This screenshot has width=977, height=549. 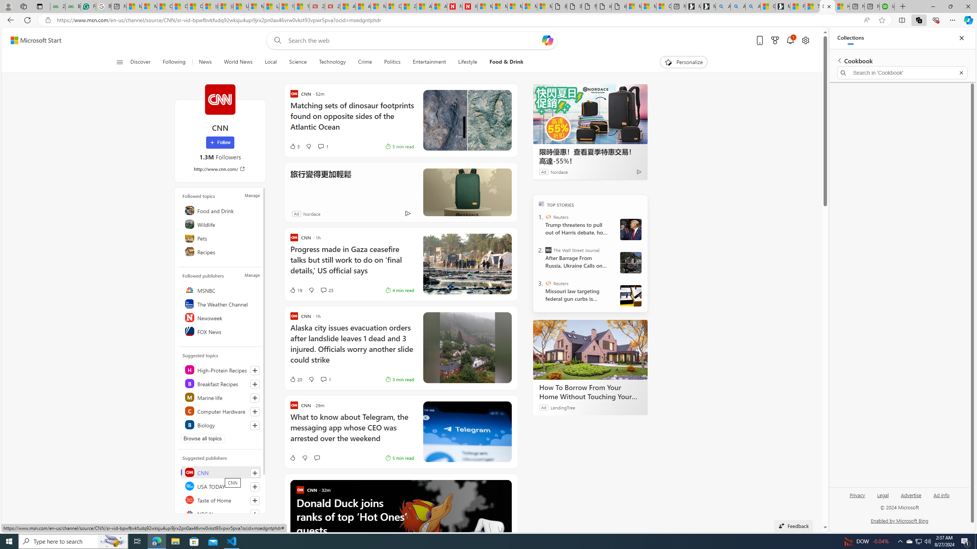 What do you see at coordinates (796, 6) in the screenshot?
I see `'Food and Drink - MSN'` at bounding box center [796, 6].